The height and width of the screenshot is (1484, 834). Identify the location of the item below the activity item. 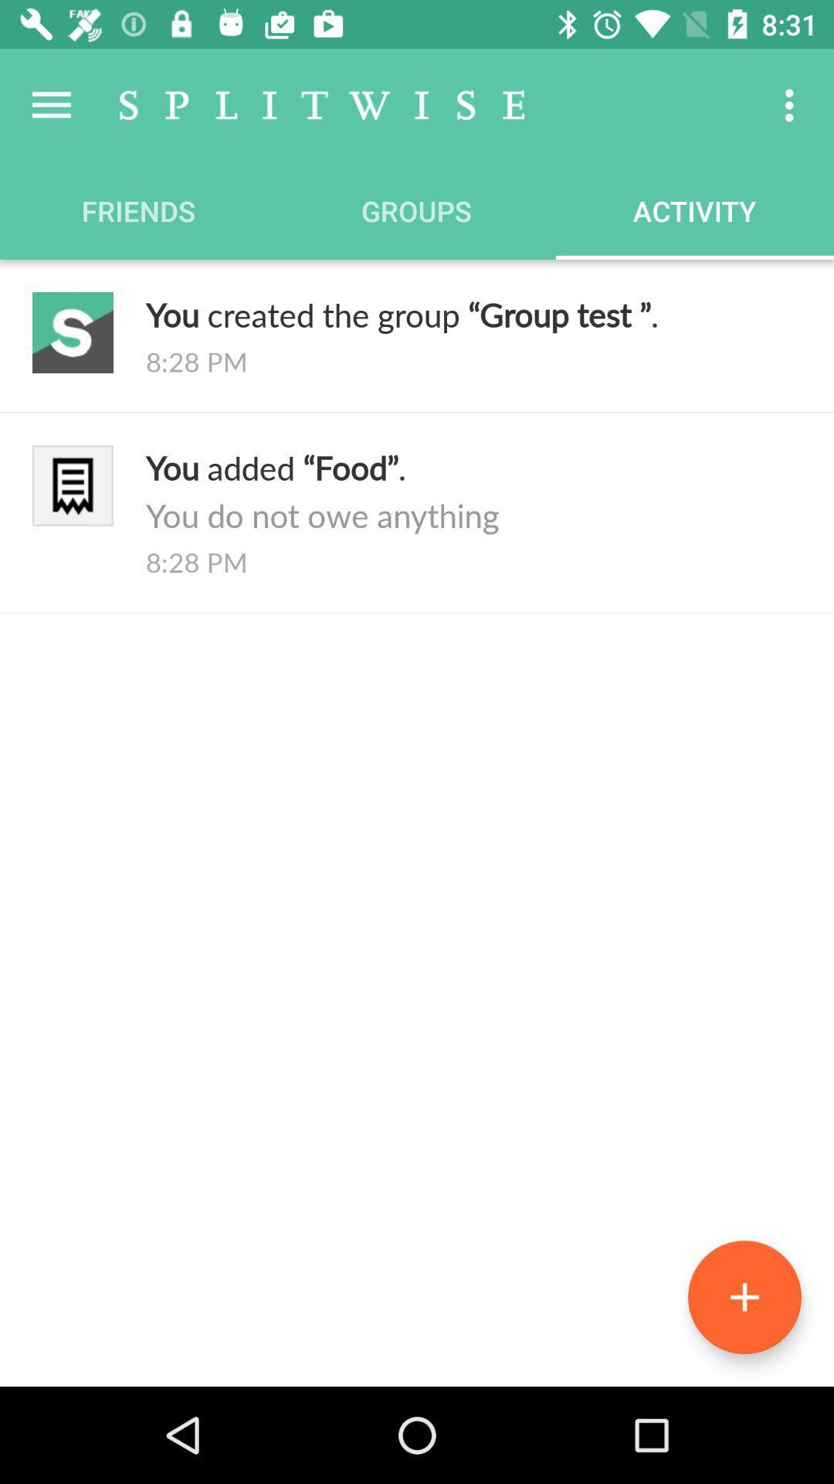
(473, 313).